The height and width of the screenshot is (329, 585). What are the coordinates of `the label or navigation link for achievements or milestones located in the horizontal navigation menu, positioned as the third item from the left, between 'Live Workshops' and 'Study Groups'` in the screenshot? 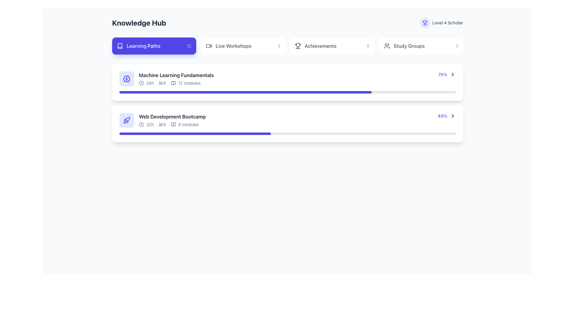 It's located at (320, 45).